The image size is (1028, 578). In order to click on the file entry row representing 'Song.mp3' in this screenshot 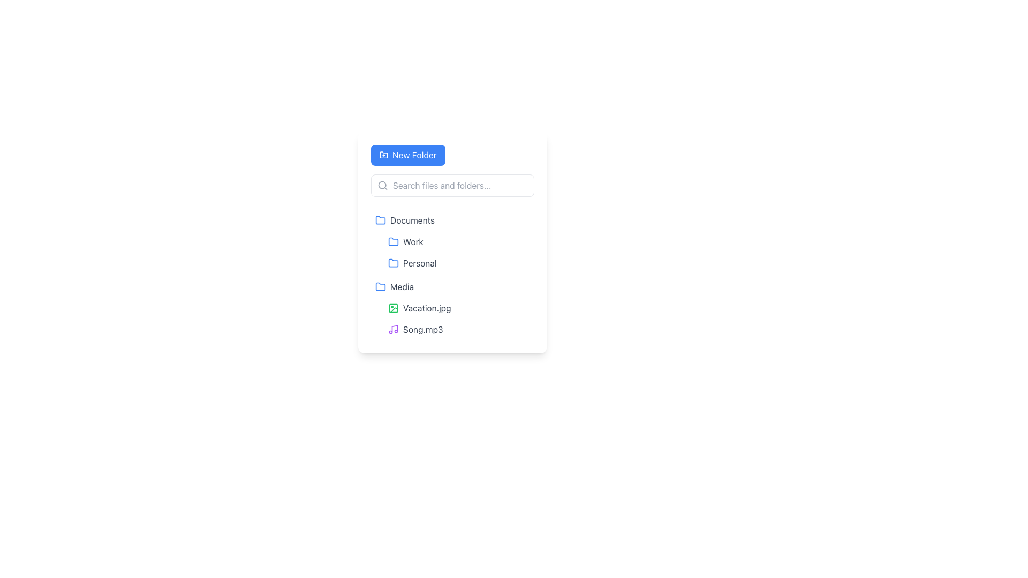, I will do `click(459, 329)`.